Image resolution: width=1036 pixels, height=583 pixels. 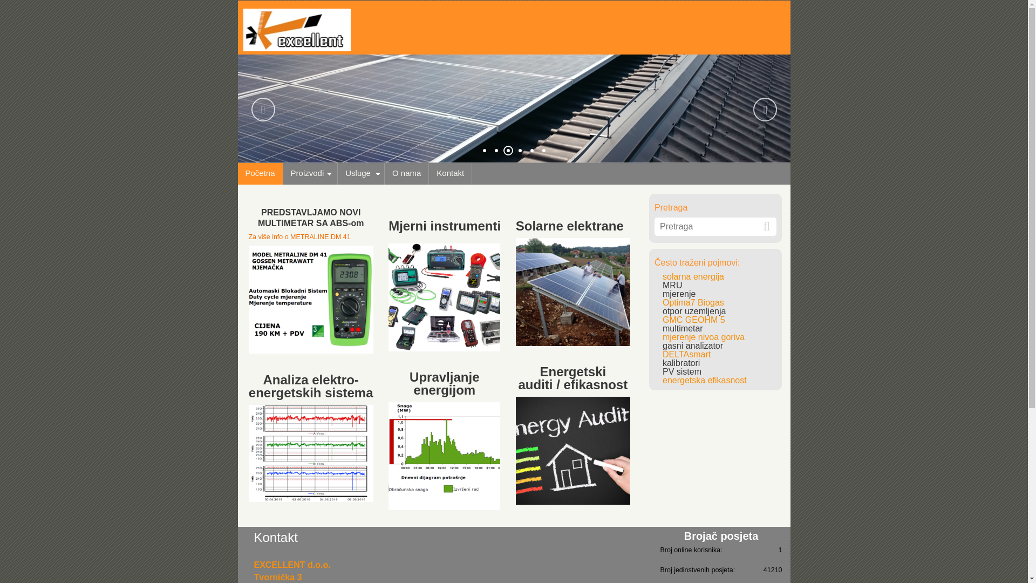 What do you see at coordinates (681, 371) in the screenshot?
I see `'PV sistem'` at bounding box center [681, 371].